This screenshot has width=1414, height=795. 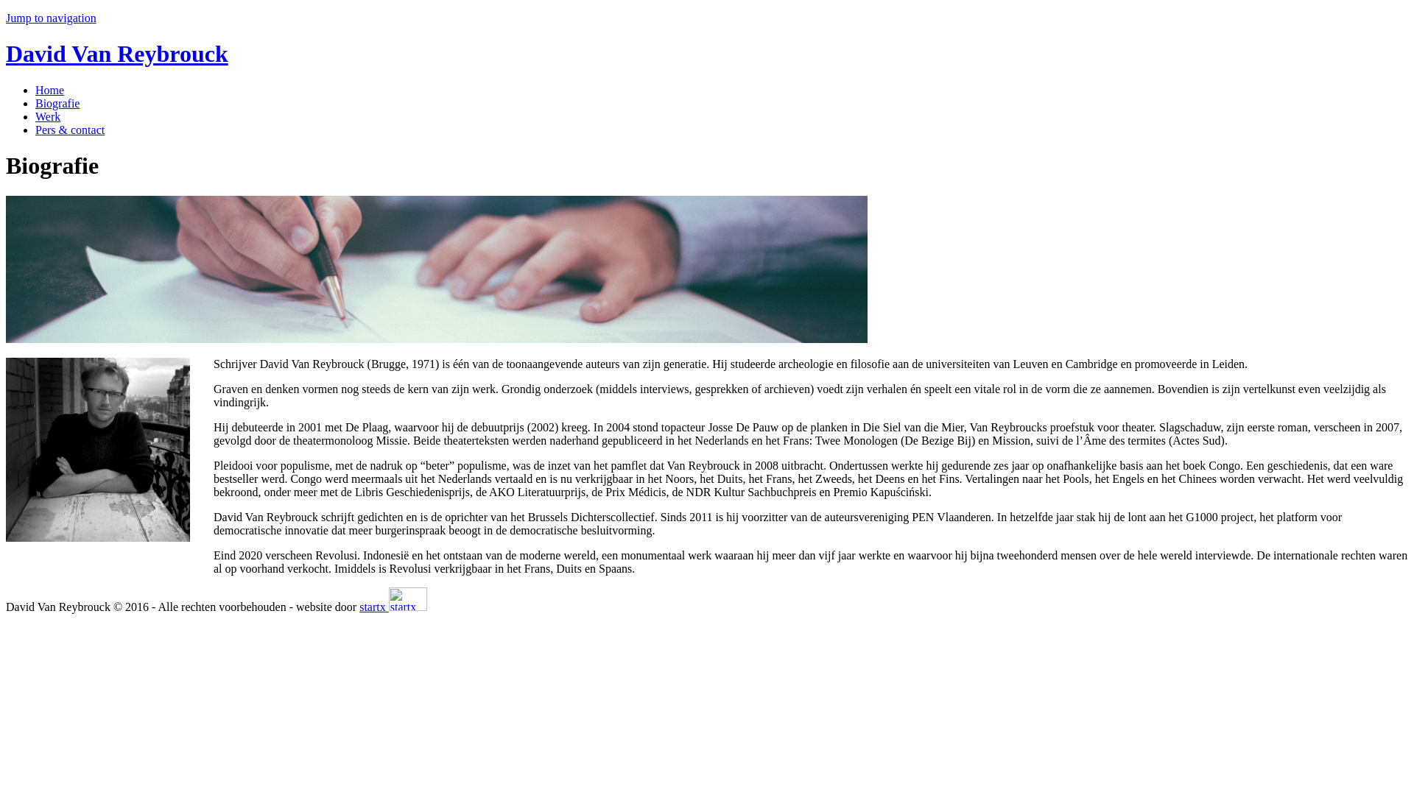 I want to click on 'startx', so click(x=407, y=598).